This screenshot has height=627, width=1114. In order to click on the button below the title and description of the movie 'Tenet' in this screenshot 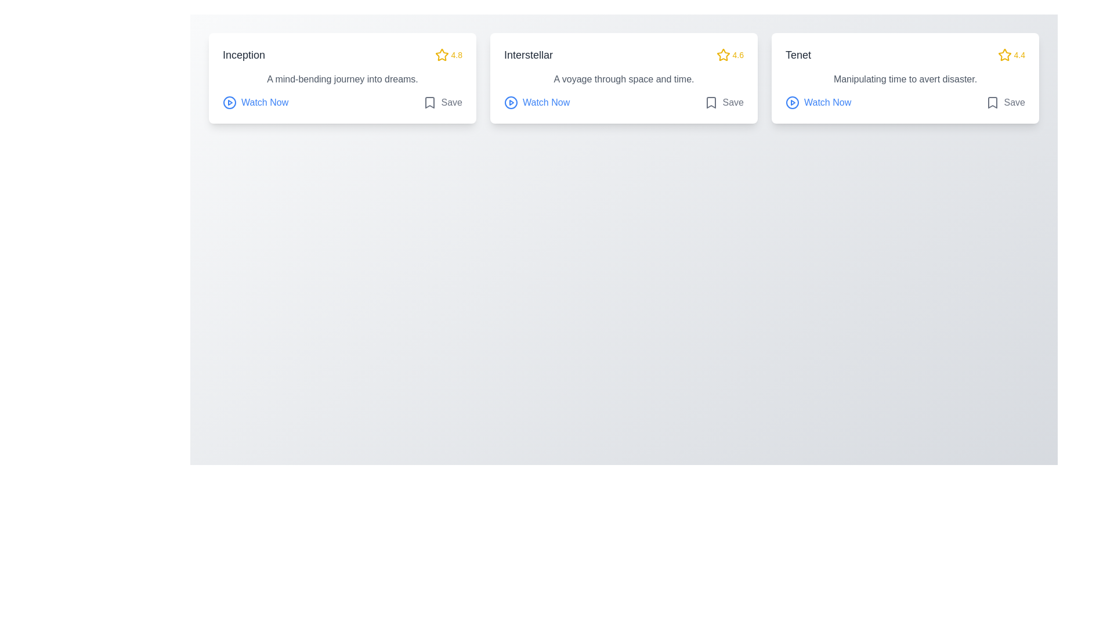, I will do `click(818, 102)`.